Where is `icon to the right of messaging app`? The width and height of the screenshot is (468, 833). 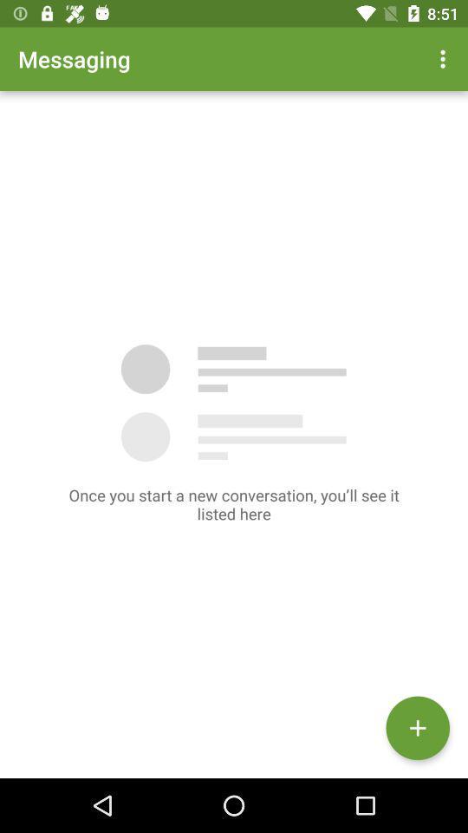
icon to the right of messaging app is located at coordinates (445, 59).